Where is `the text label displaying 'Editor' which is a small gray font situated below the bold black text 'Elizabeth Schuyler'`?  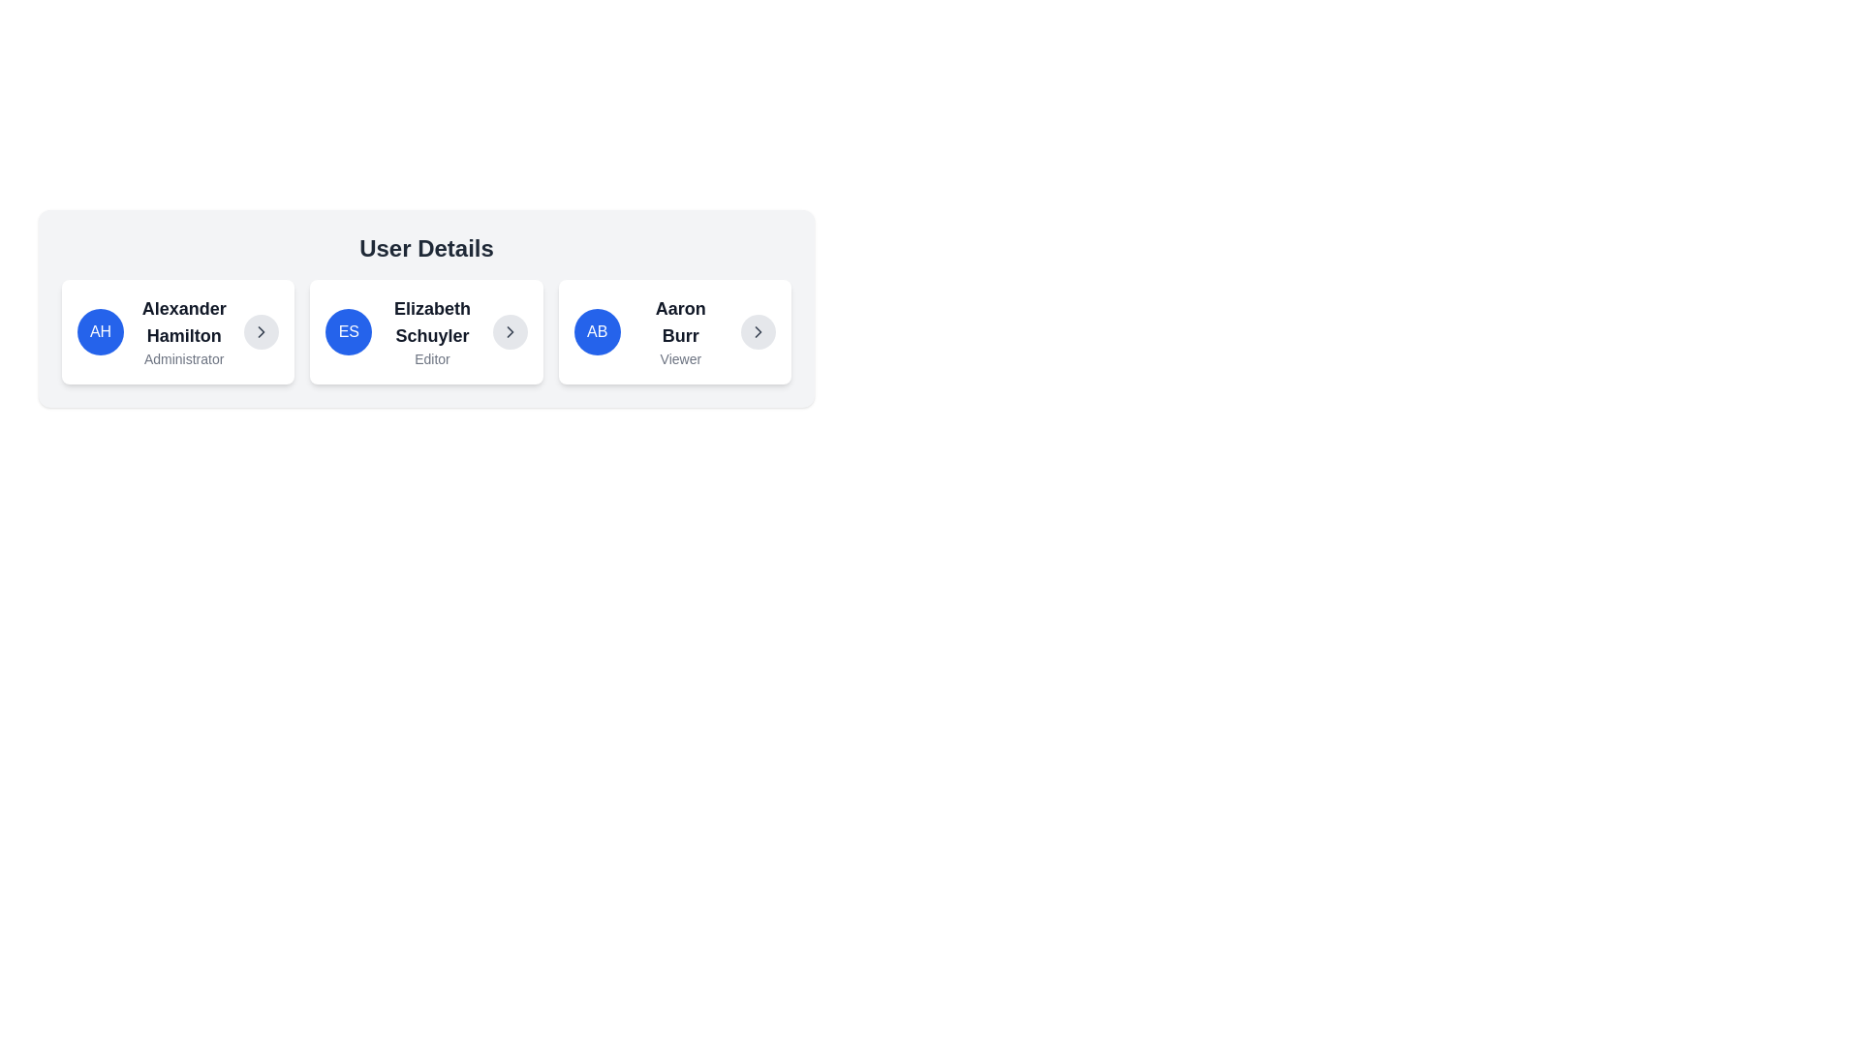
the text label displaying 'Editor' which is a small gray font situated below the bold black text 'Elizabeth Schuyler' is located at coordinates (431, 358).